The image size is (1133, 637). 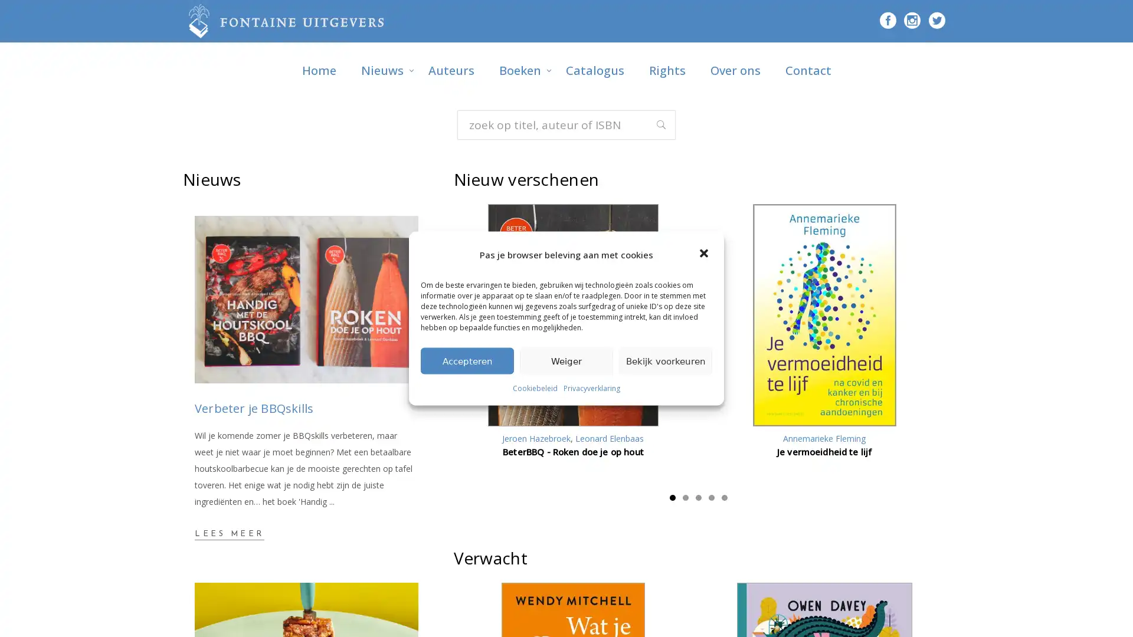 I want to click on Accepteren, so click(x=467, y=360).